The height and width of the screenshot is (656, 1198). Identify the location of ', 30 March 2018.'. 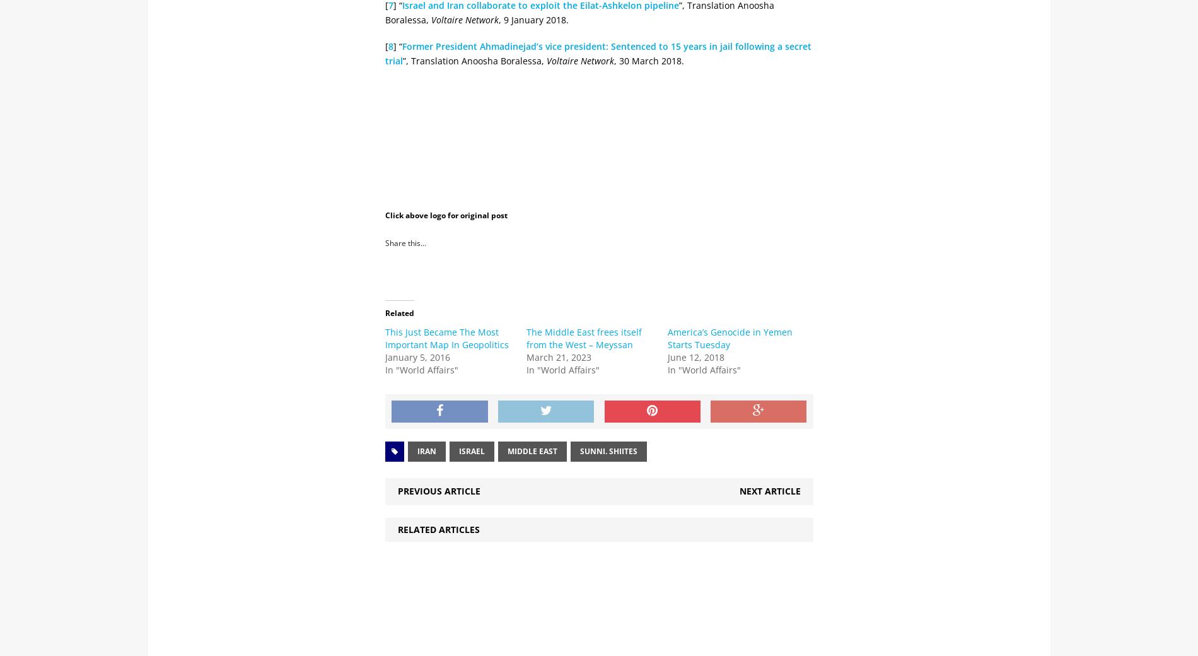
(614, 59).